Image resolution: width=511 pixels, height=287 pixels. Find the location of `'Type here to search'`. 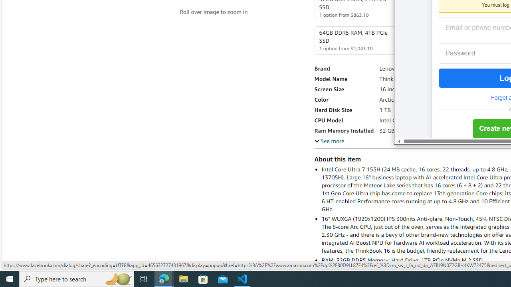

'Type here to search' is located at coordinates (77, 278).